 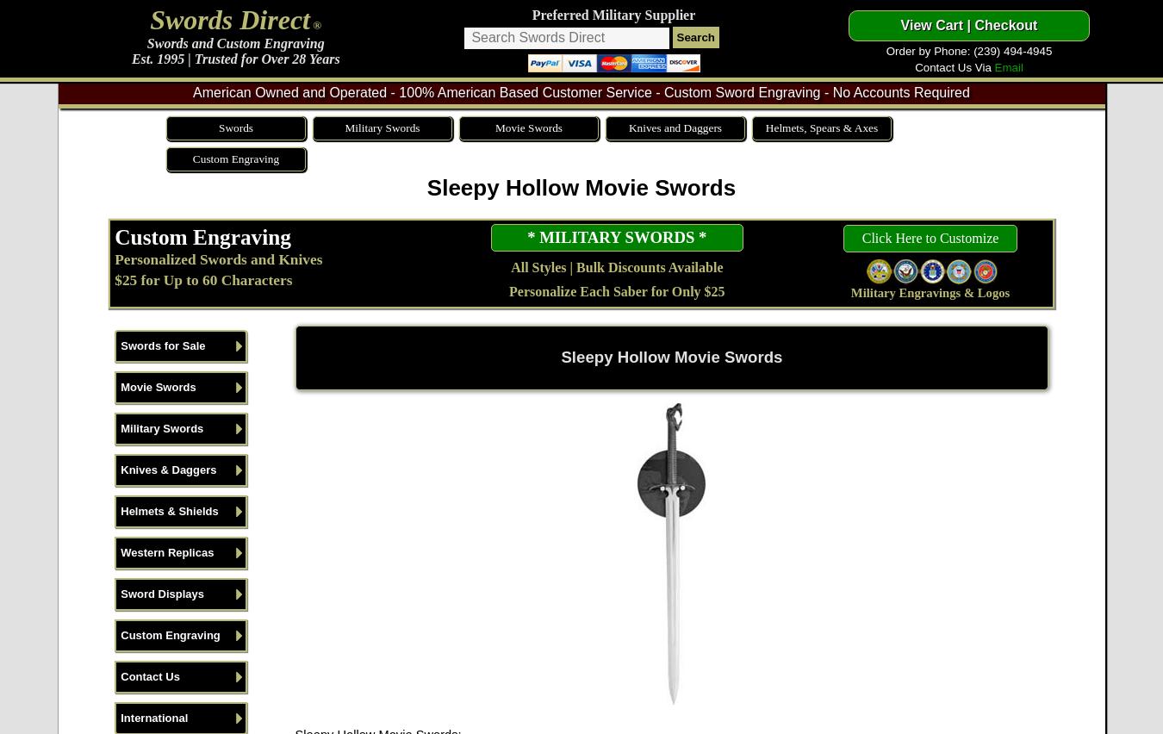 I want to click on 'Contact Us Via', so click(x=954, y=66).